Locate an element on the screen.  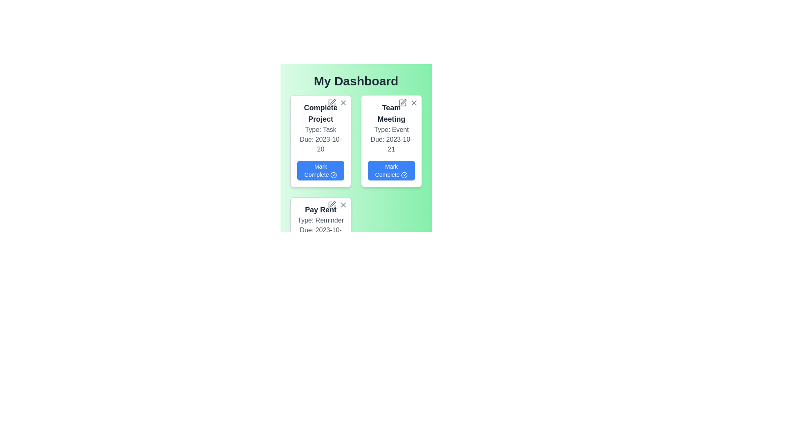
the text display that reads 'Type: Task', which is styled in gray and located beneath the title 'Complete Project' is located at coordinates (320, 129).